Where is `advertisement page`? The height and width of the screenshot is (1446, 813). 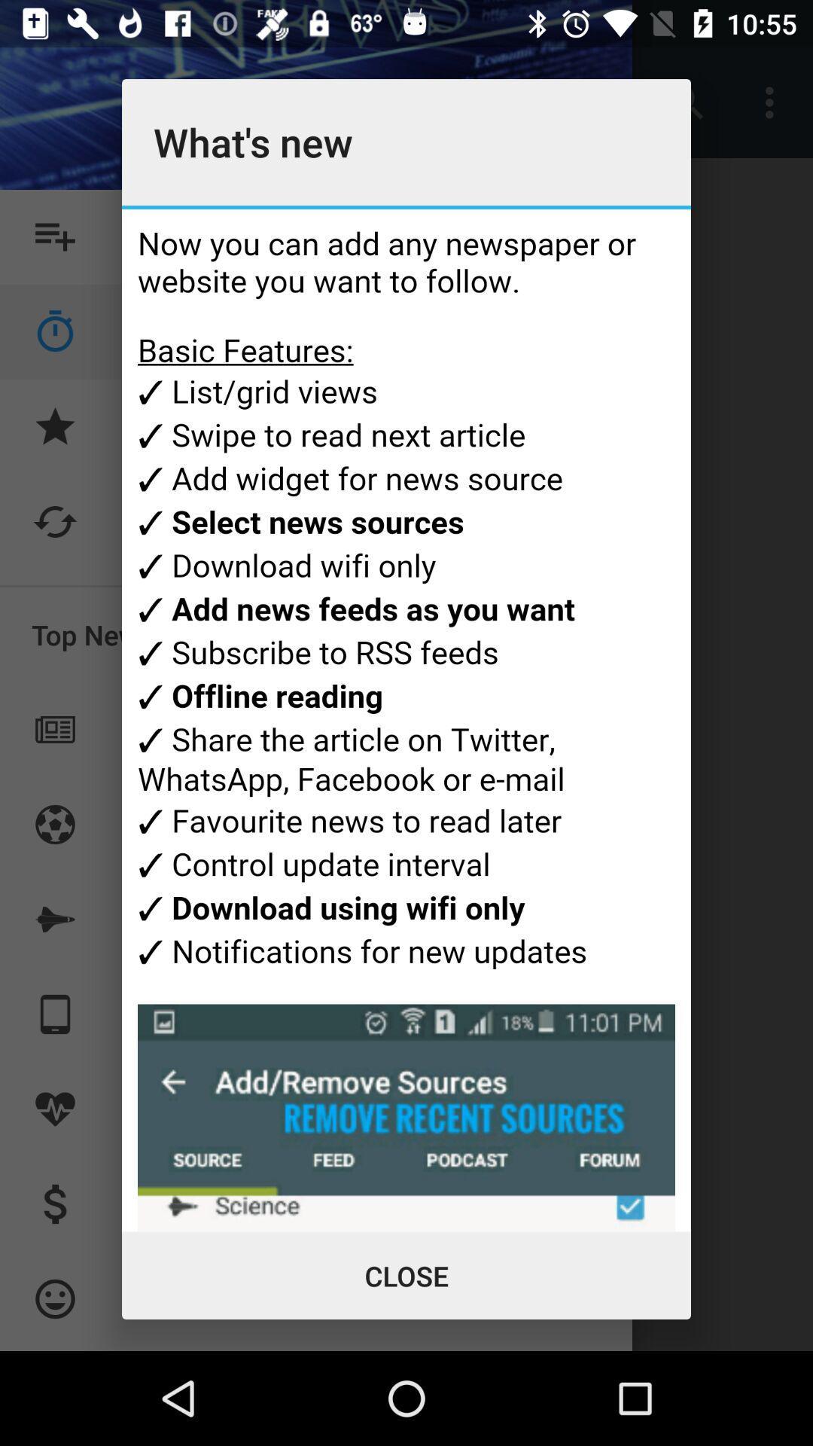
advertisement page is located at coordinates (406, 719).